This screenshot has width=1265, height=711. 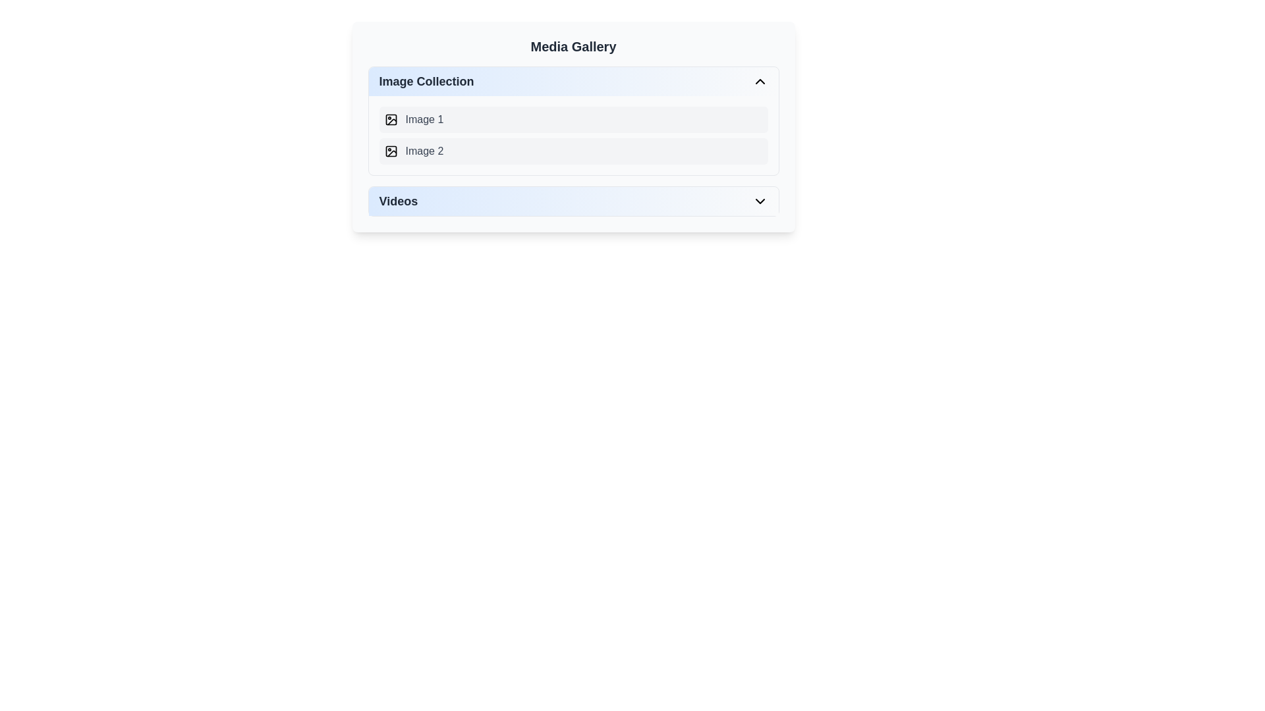 I want to click on the 'Media Gallery' text header, which is a large, bold header positioned at the top of the media gallery interface, so click(x=573, y=45).